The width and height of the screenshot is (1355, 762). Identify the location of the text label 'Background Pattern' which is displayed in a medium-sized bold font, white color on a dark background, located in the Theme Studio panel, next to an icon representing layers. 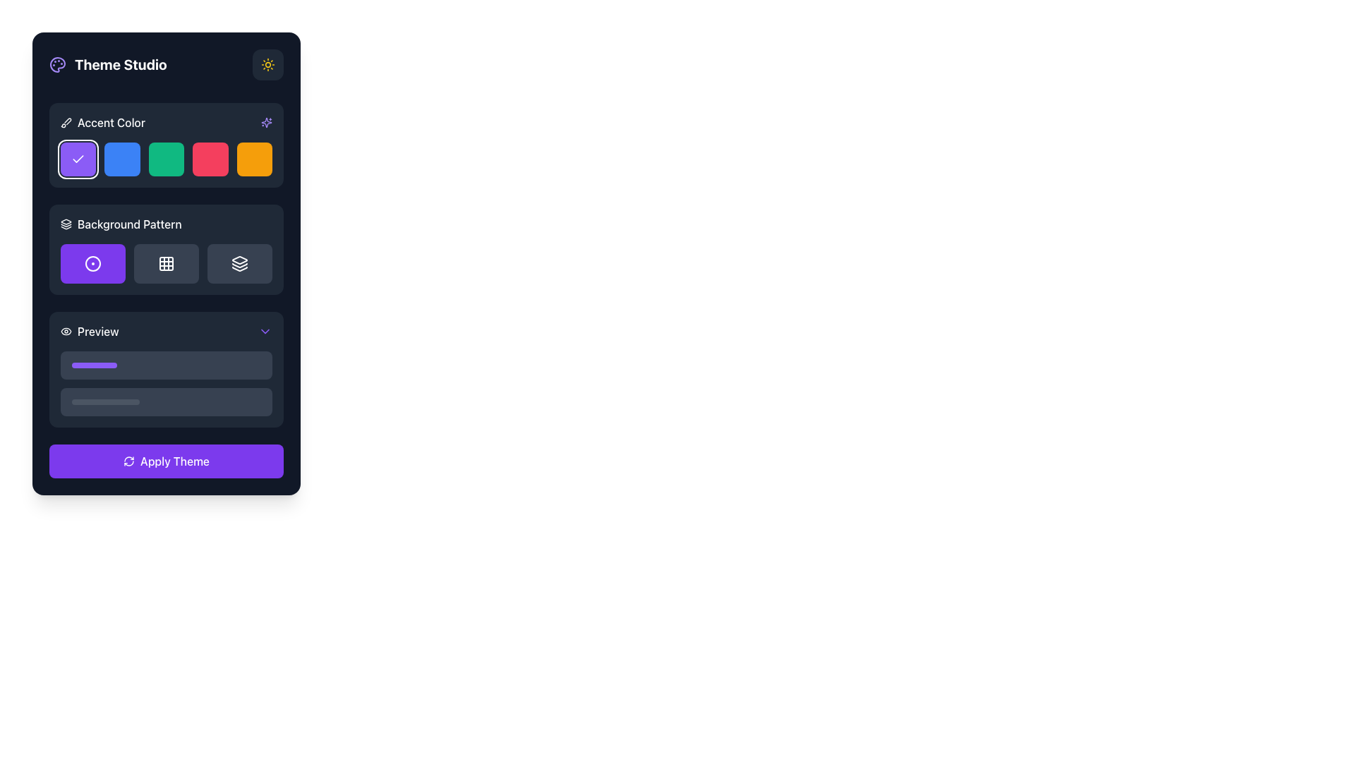
(129, 223).